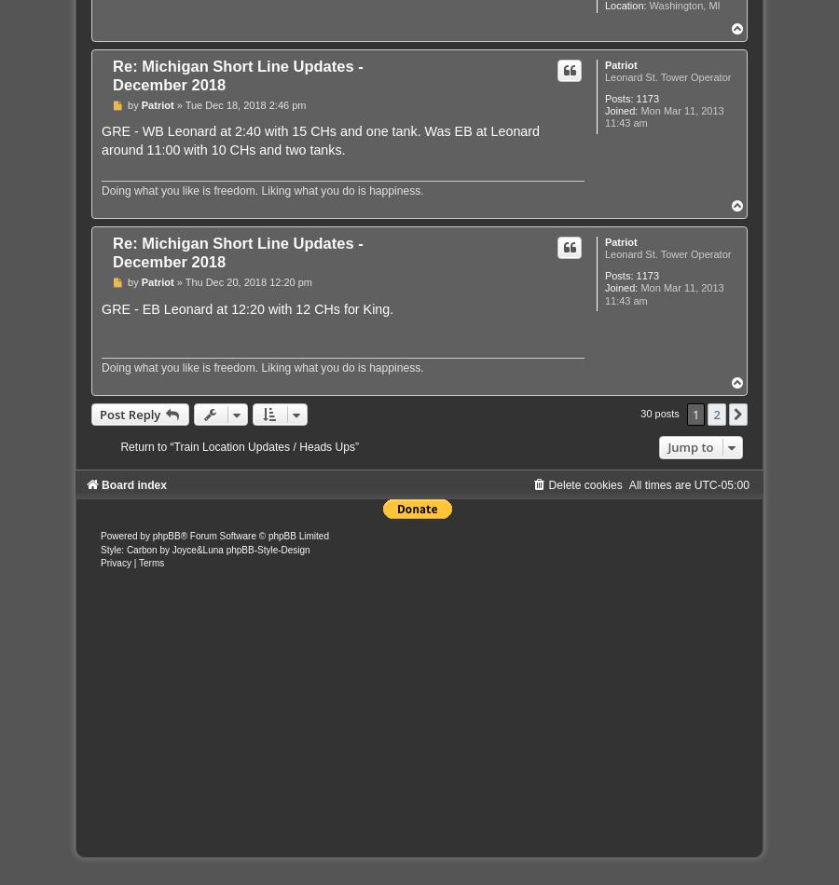 The image size is (839, 885). I want to click on 'phpBB-Style-Design', so click(225, 550).